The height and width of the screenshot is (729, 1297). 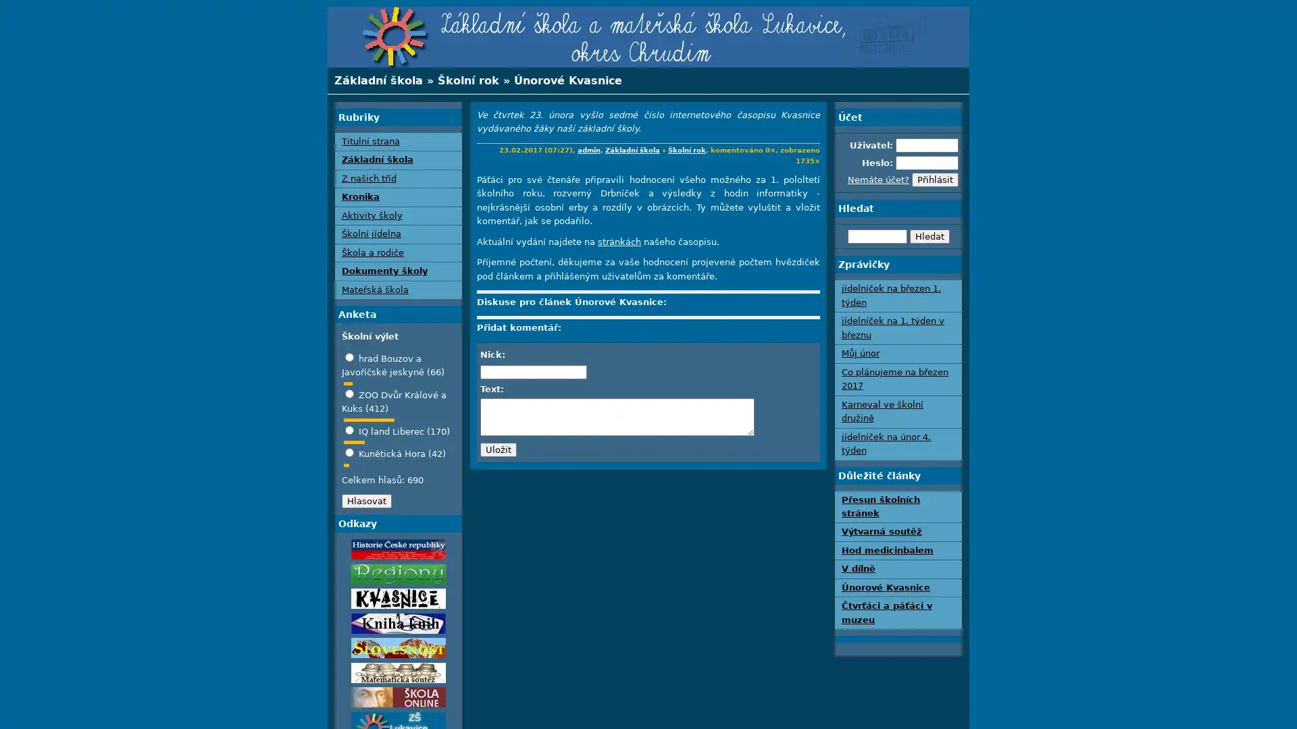 What do you see at coordinates (928, 235) in the screenshot?
I see `Hledat` at bounding box center [928, 235].